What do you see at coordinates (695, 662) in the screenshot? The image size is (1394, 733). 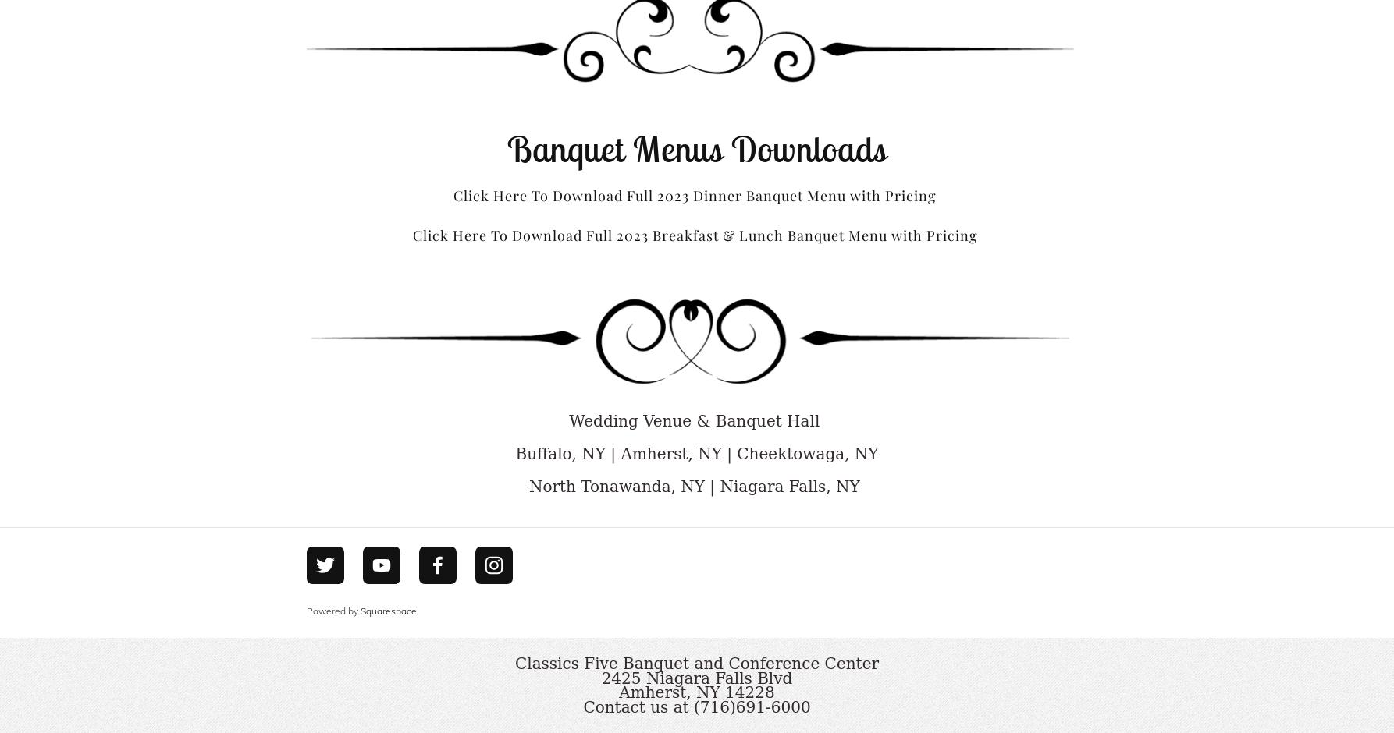 I see `'Classics Five Banquet and Conference Center'` at bounding box center [695, 662].